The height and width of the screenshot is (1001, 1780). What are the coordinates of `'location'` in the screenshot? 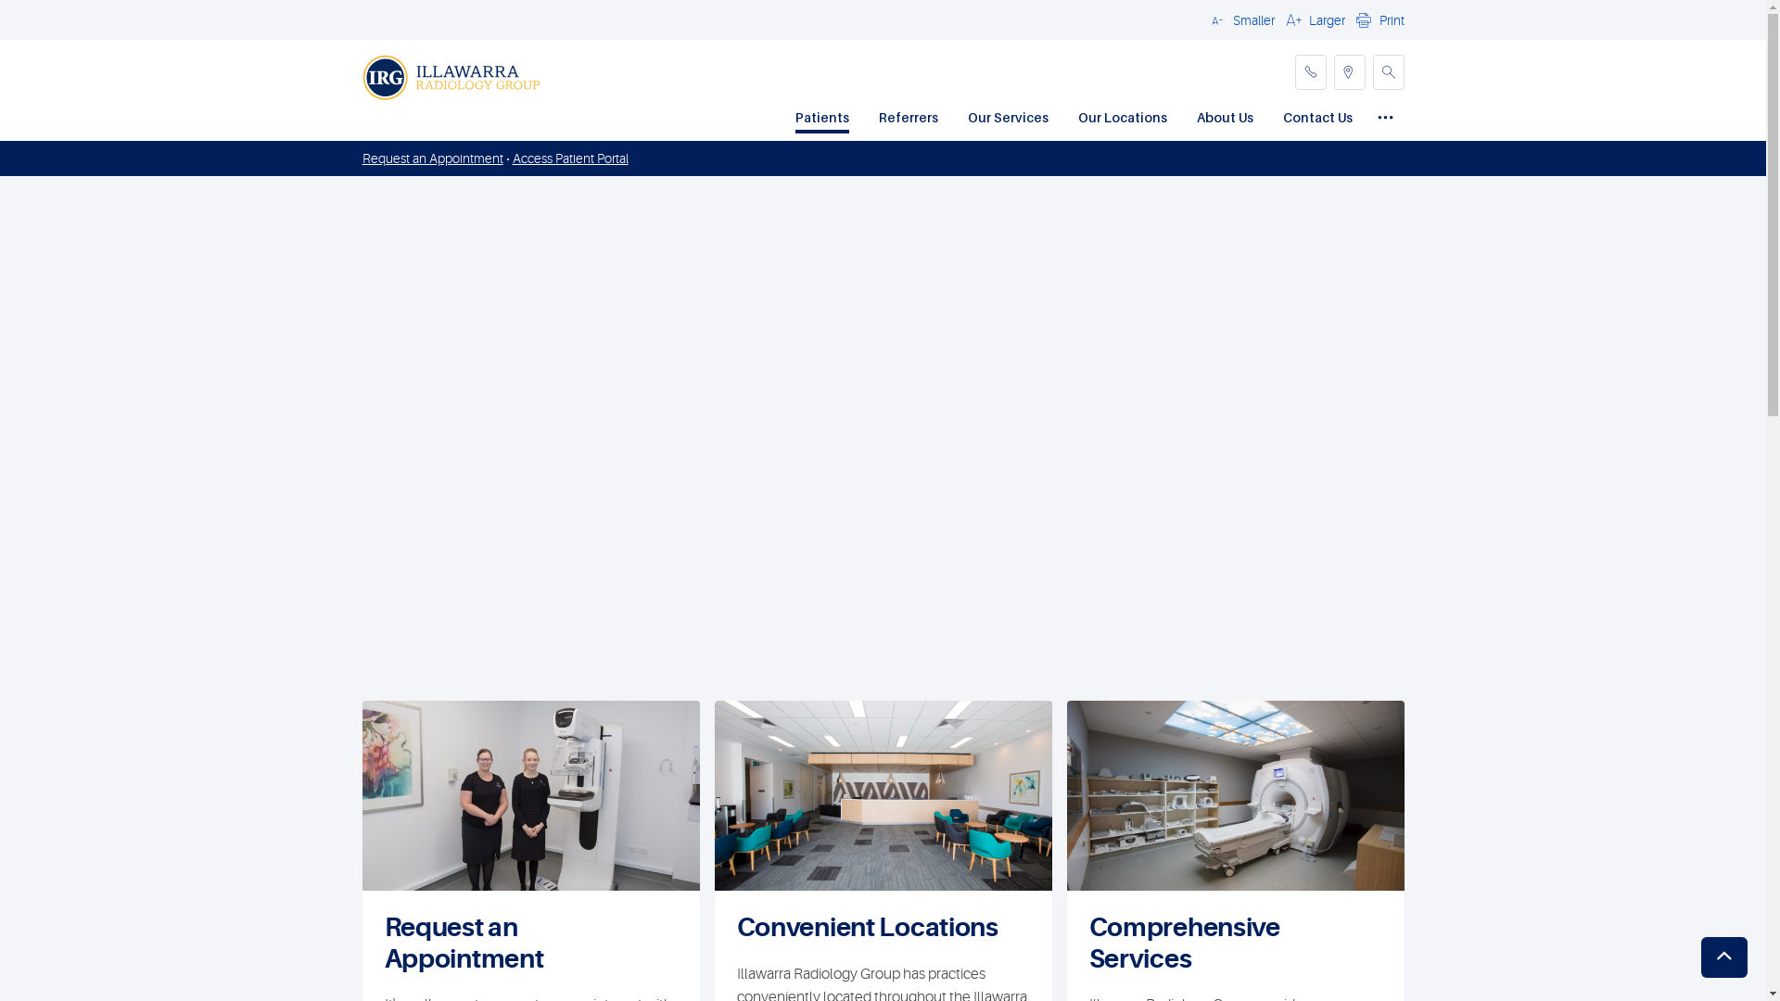 It's located at (1348, 70).